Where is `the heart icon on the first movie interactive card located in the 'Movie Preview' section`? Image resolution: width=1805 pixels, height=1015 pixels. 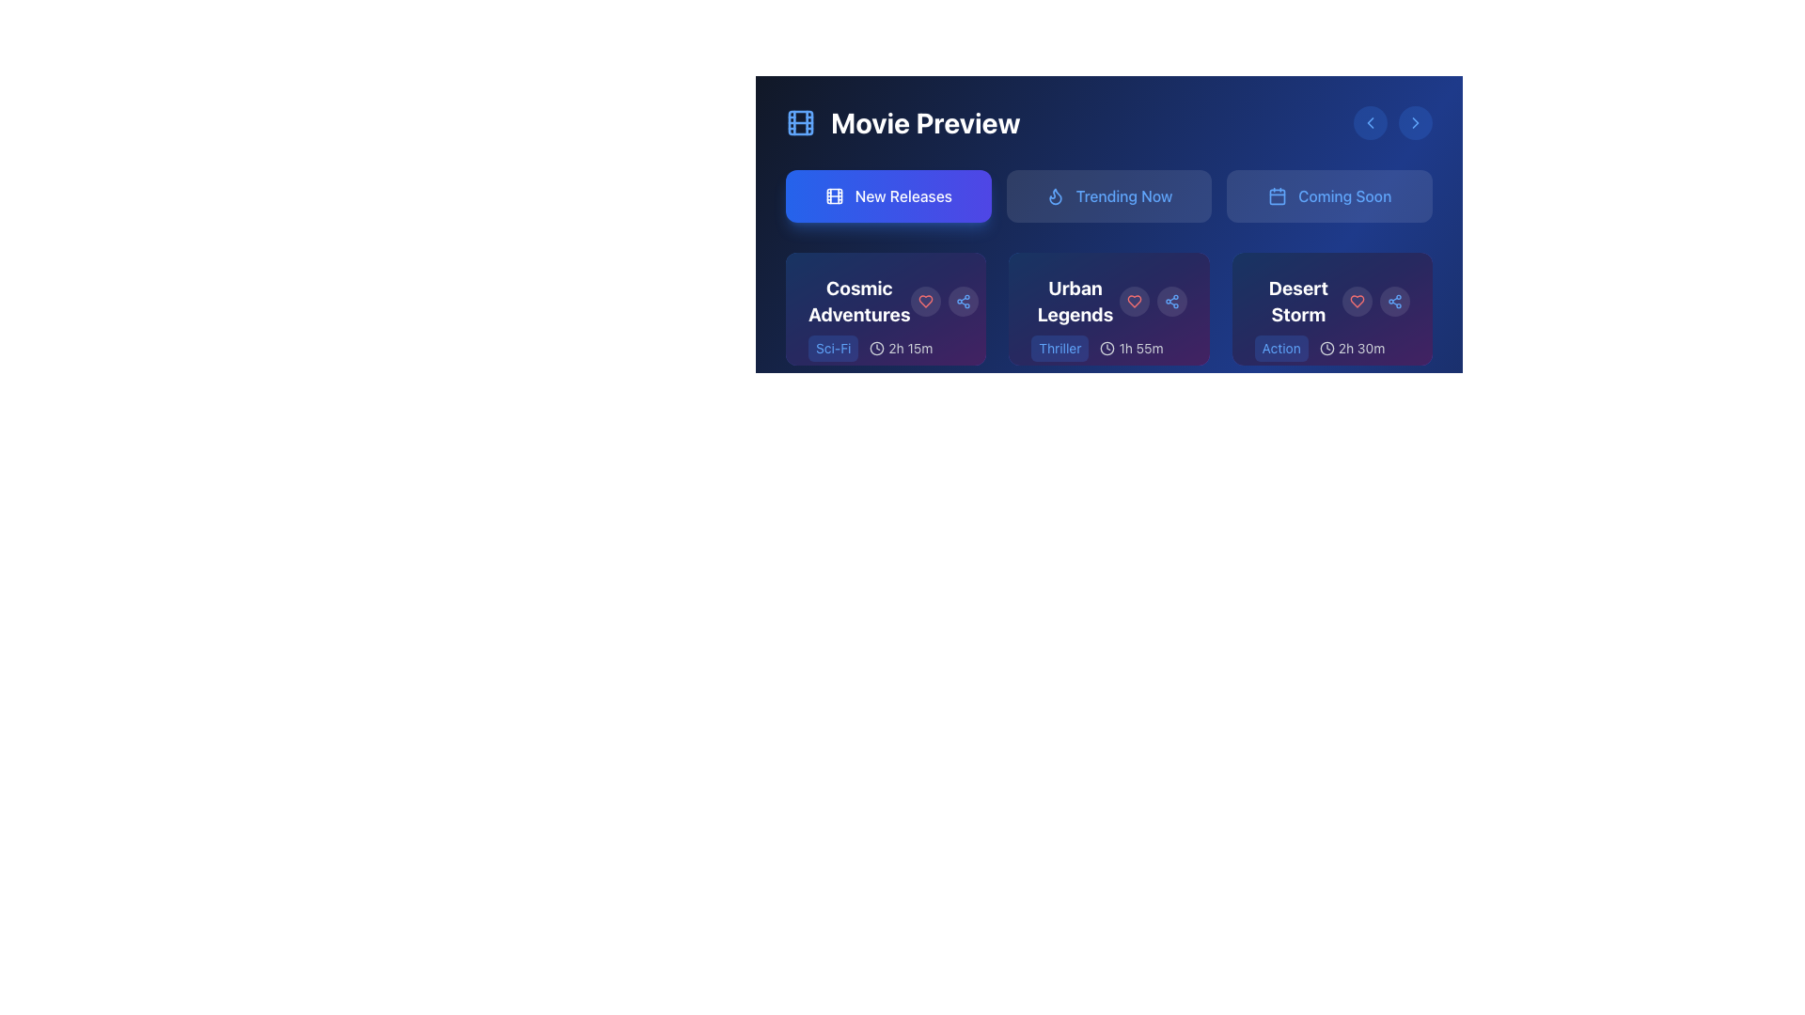 the heart icon on the first movie interactive card located in the 'Movie Preview' section is located at coordinates (885, 307).